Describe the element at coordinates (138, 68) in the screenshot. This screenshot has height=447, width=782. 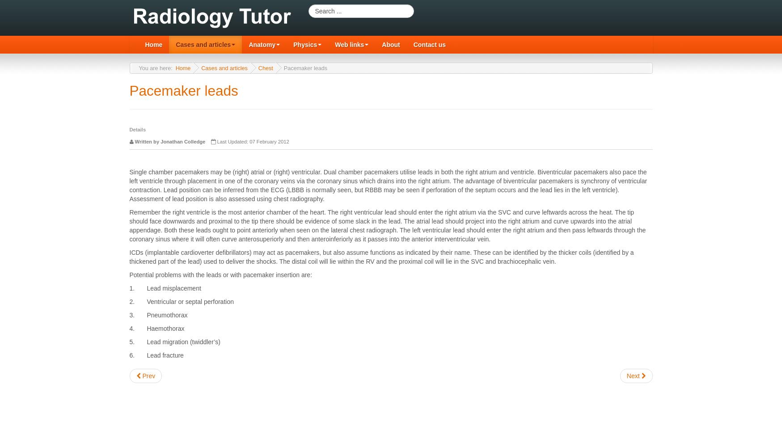
I see `'You are here:'` at that location.